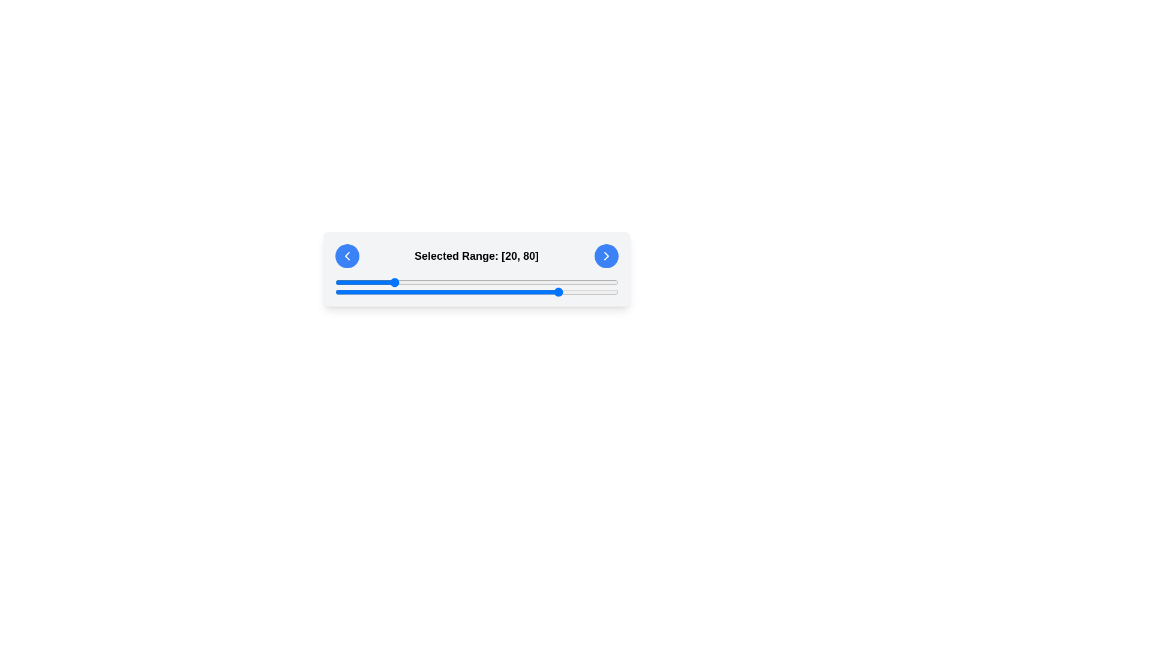 This screenshot has height=648, width=1152. I want to click on the text label displaying 'Selected Range: [20, 80]', which is located centrally between two blue circular buttons with chevron icons, so click(476, 256).